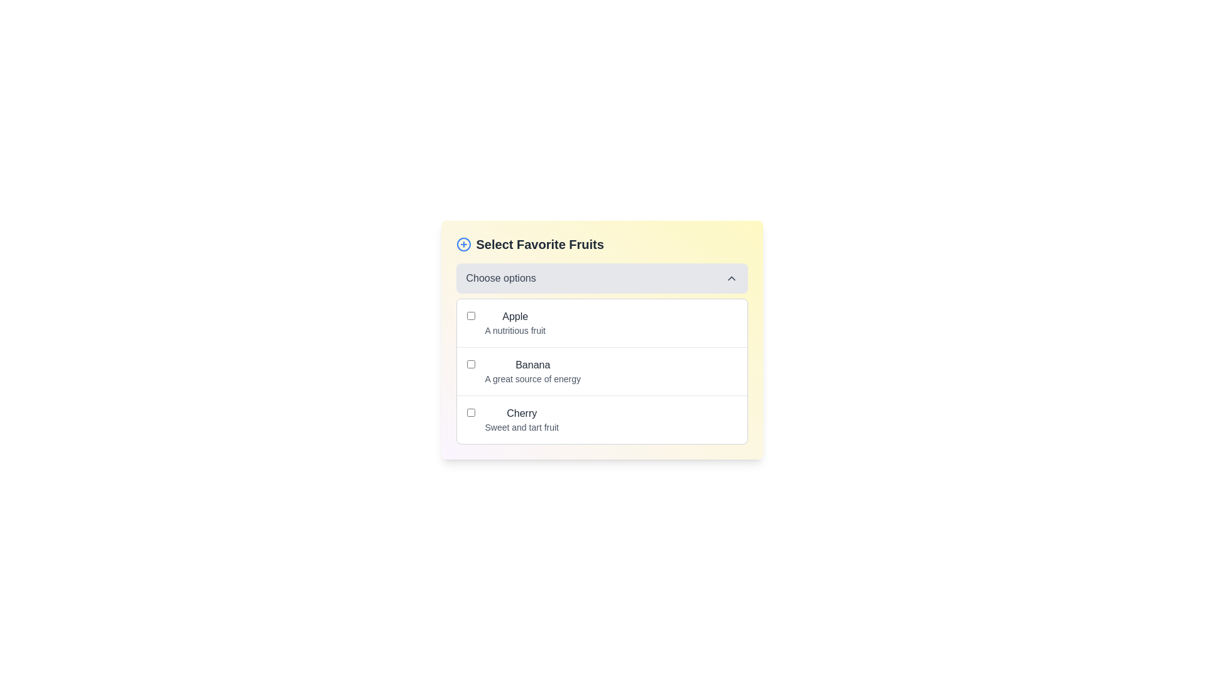 The width and height of the screenshot is (1207, 679). Describe the element at coordinates (515, 316) in the screenshot. I see `the label displaying the text 'Apple' in dark gray color, which is the first item in the 'Select Favorite Fruits' section, adjacent to a checkbox` at that location.